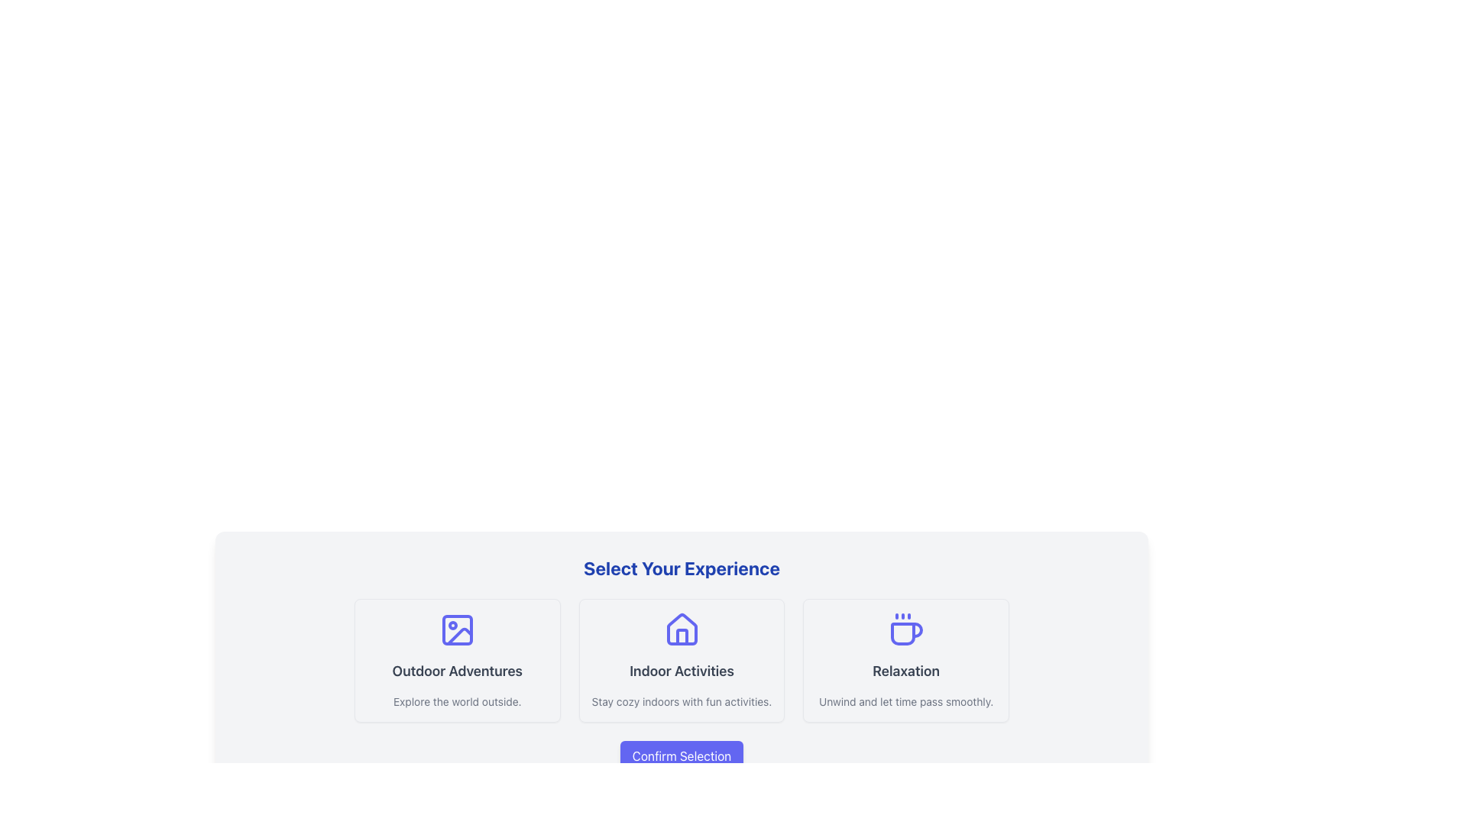 Image resolution: width=1467 pixels, height=825 pixels. What do you see at coordinates (681, 701) in the screenshot?
I see `the static text element providing context for the 'Indoor Activities' option, located at the bottom of the corresponding card` at bounding box center [681, 701].